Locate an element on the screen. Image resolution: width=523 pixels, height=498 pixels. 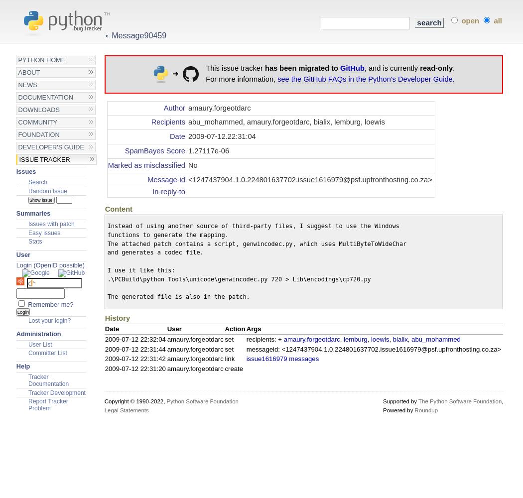
'Marked as misclassified' is located at coordinates (145, 164).